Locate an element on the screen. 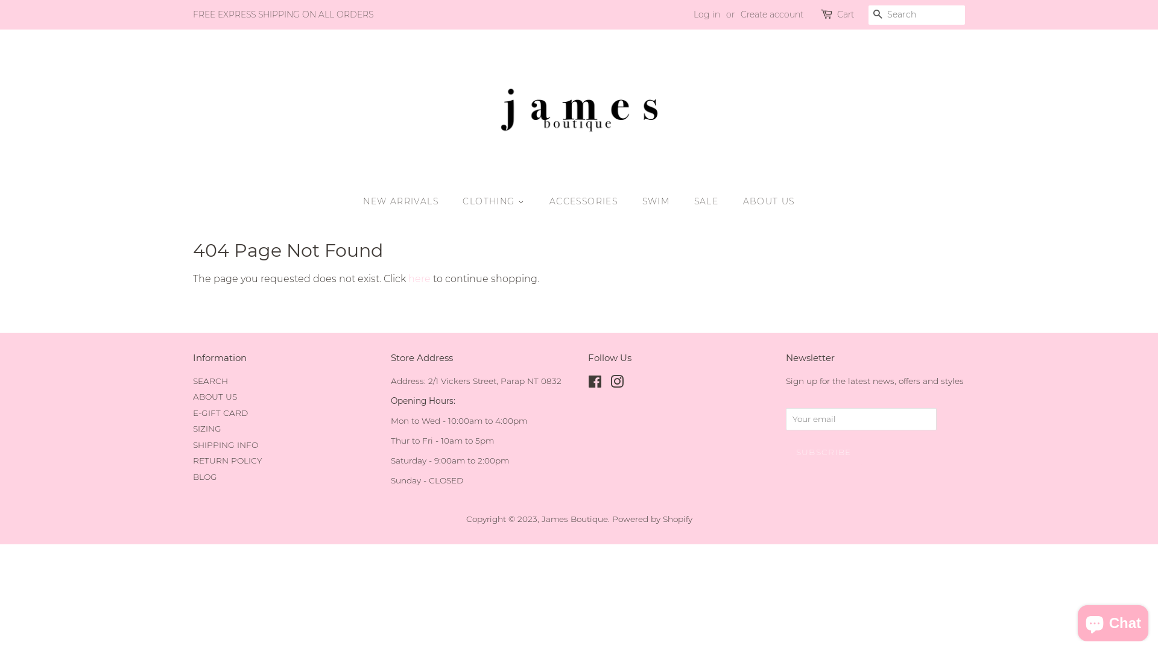  'SIZING' is located at coordinates (207, 427).